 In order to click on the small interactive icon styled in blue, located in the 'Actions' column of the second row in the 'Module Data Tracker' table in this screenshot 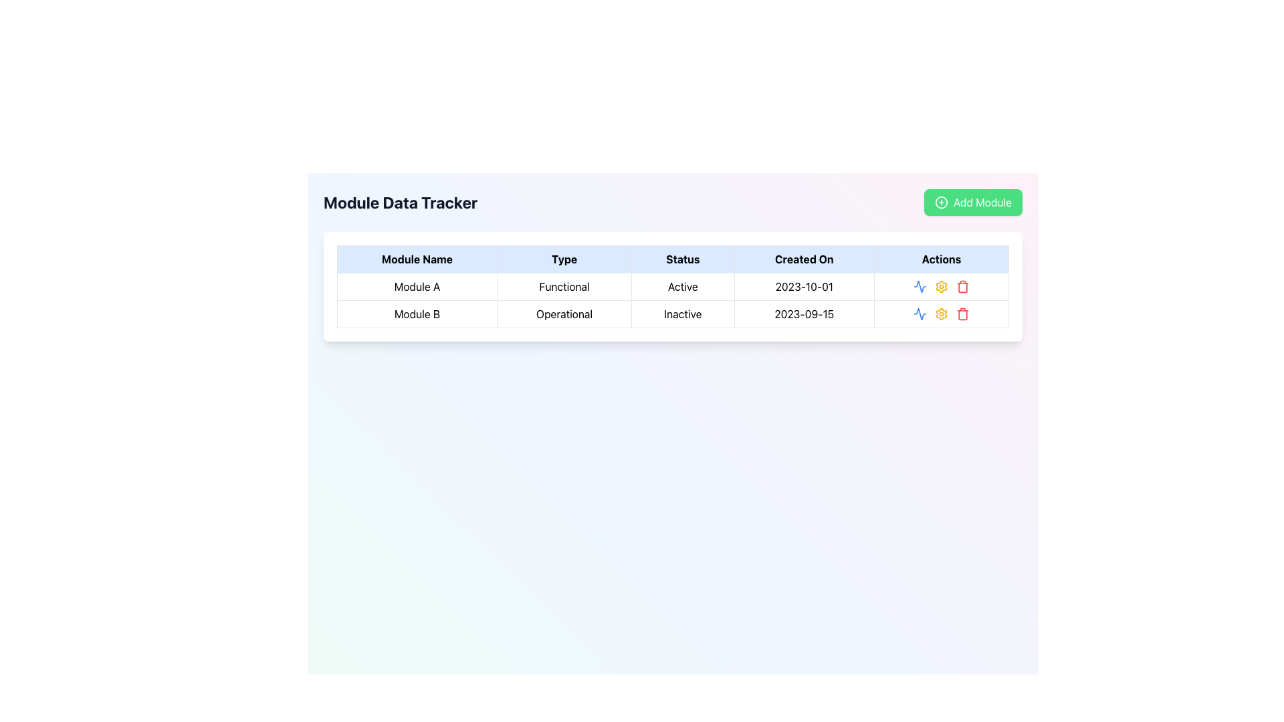, I will do `click(920, 285)`.